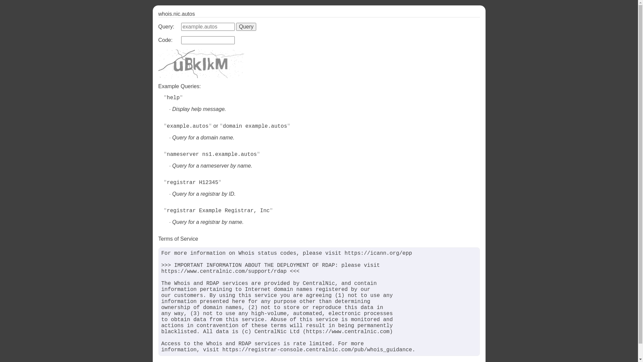 The width and height of the screenshot is (643, 362). What do you see at coordinates (245, 26) in the screenshot?
I see `'Query'` at bounding box center [245, 26].